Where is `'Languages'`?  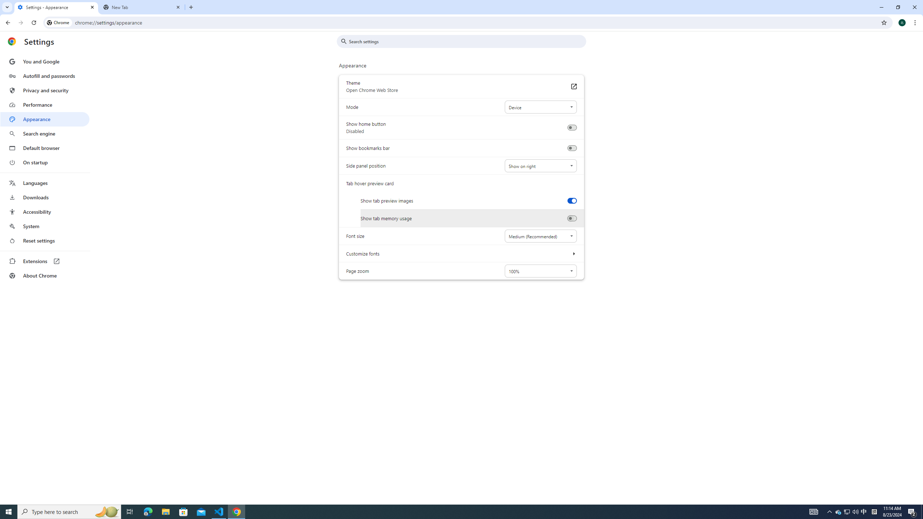
'Languages' is located at coordinates (44, 183).